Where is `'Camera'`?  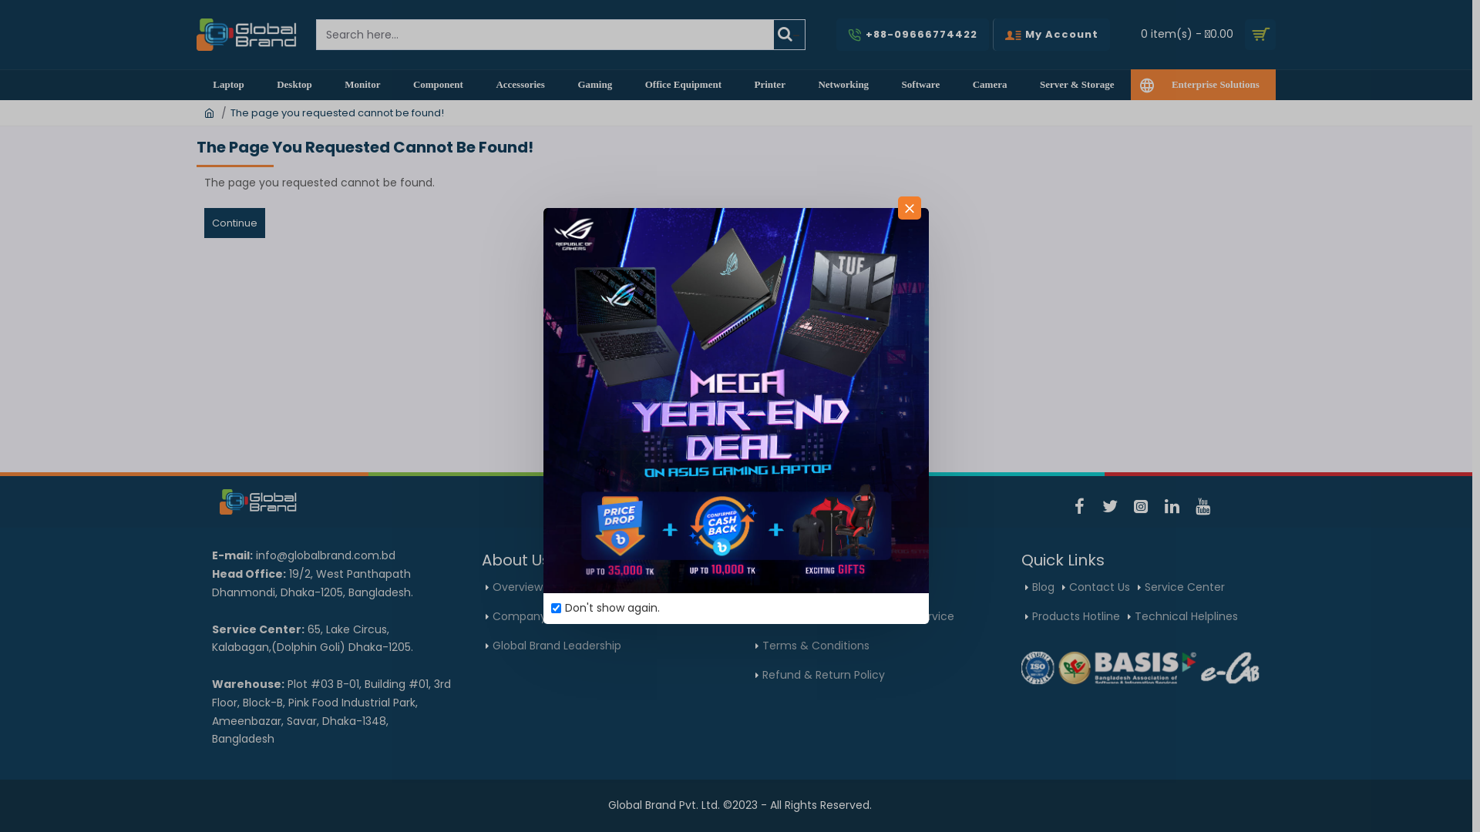
'Camera' is located at coordinates (989, 85).